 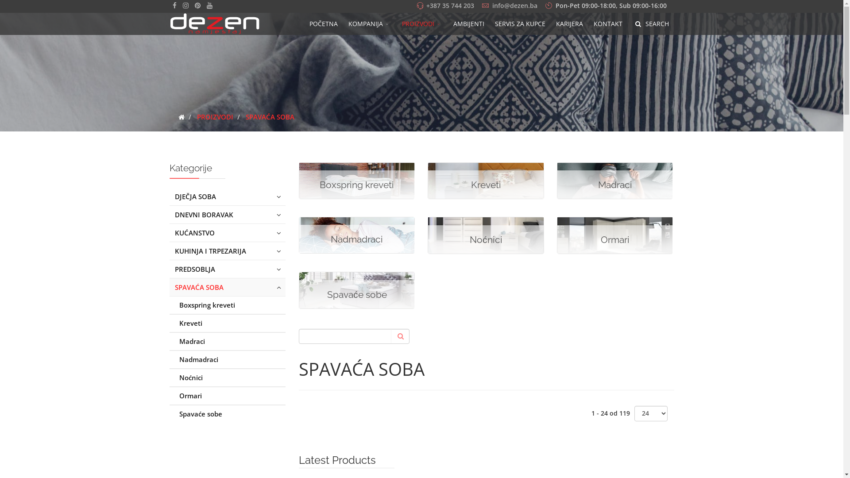 I want to click on 'DNEVNI BORAVAK', so click(x=169, y=215).